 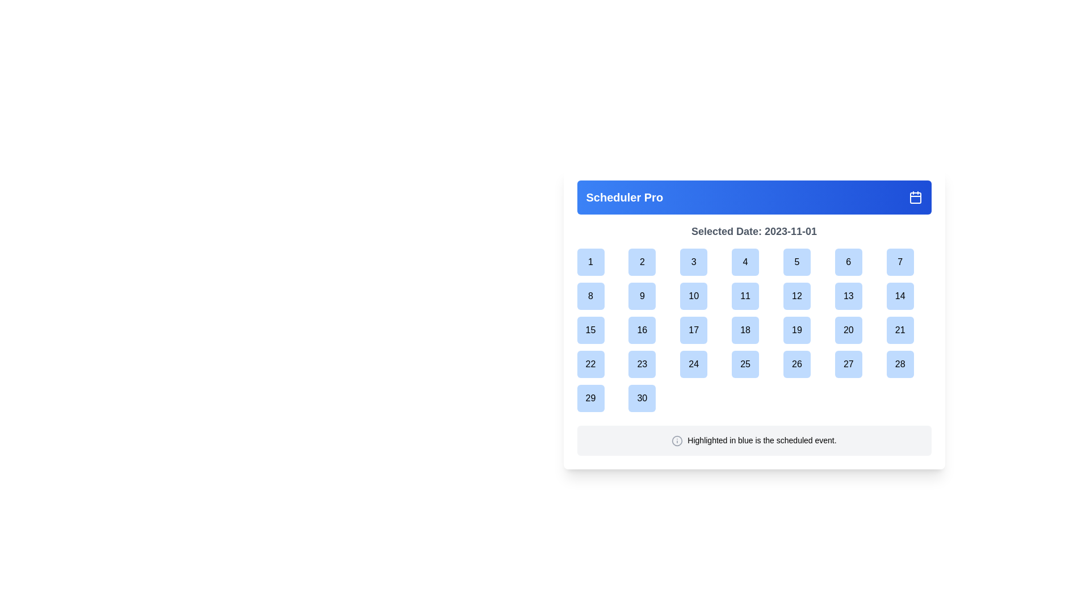 I want to click on the button representing the third day in the calendar interface to activate its hover state, so click(x=693, y=262).